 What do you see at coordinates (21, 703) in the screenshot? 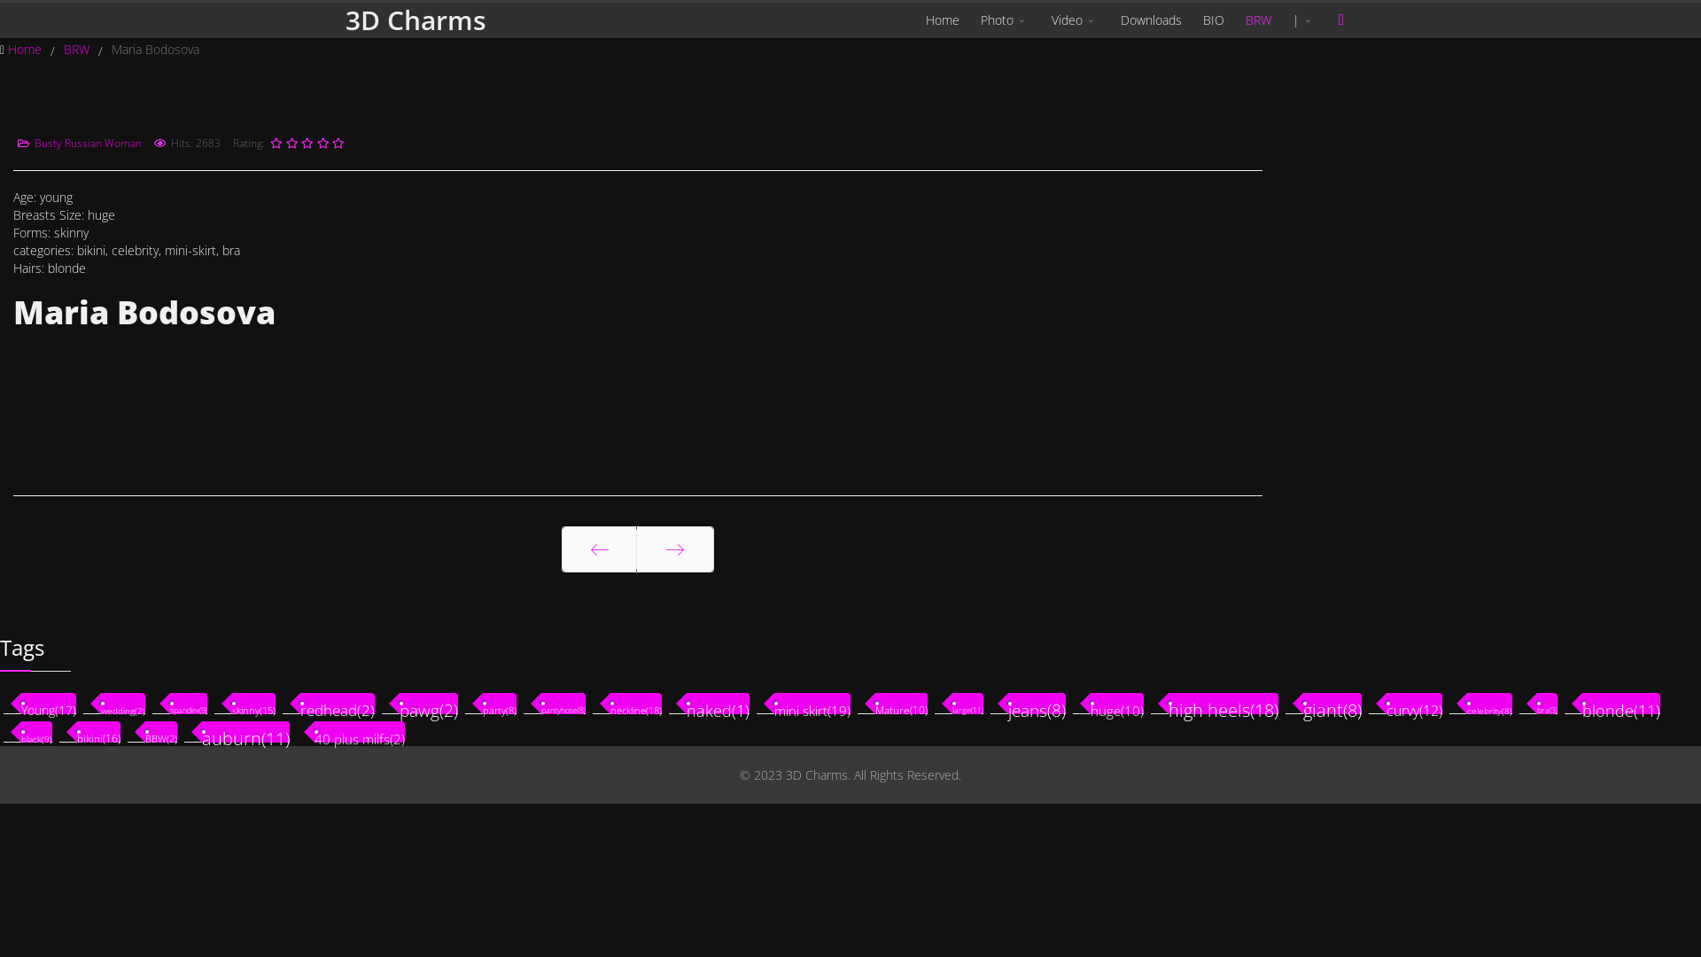
I see `'Young(17)'` at bounding box center [21, 703].